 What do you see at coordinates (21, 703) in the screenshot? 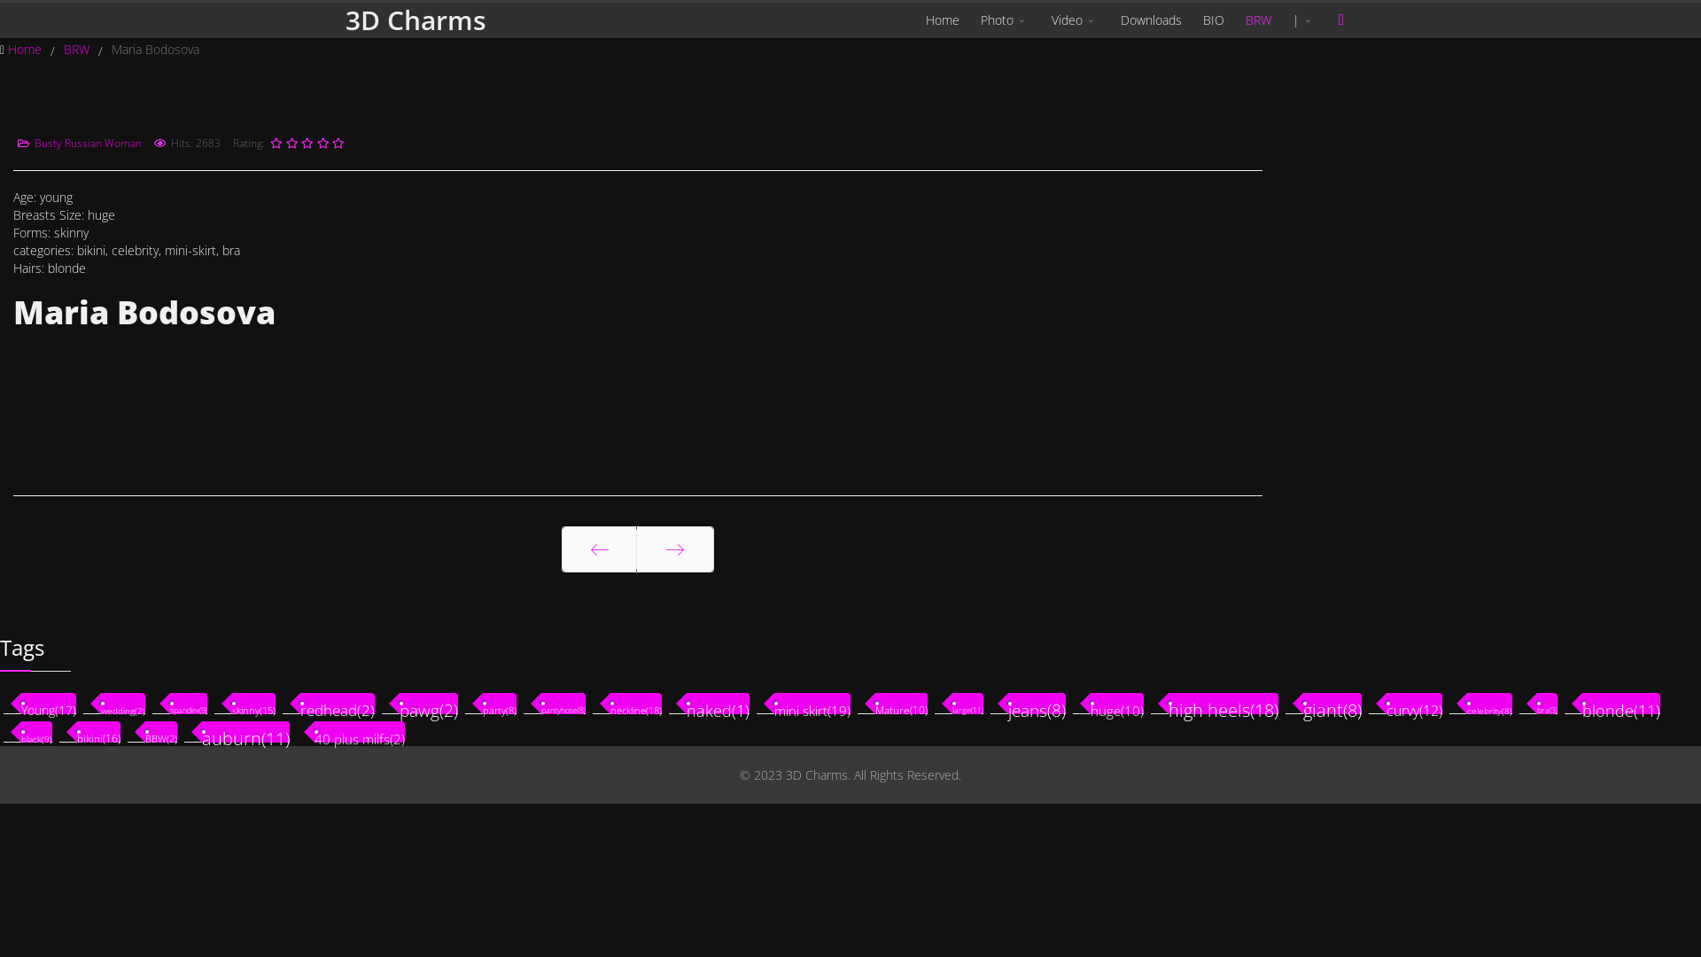
I see `'Young(17)'` at bounding box center [21, 703].